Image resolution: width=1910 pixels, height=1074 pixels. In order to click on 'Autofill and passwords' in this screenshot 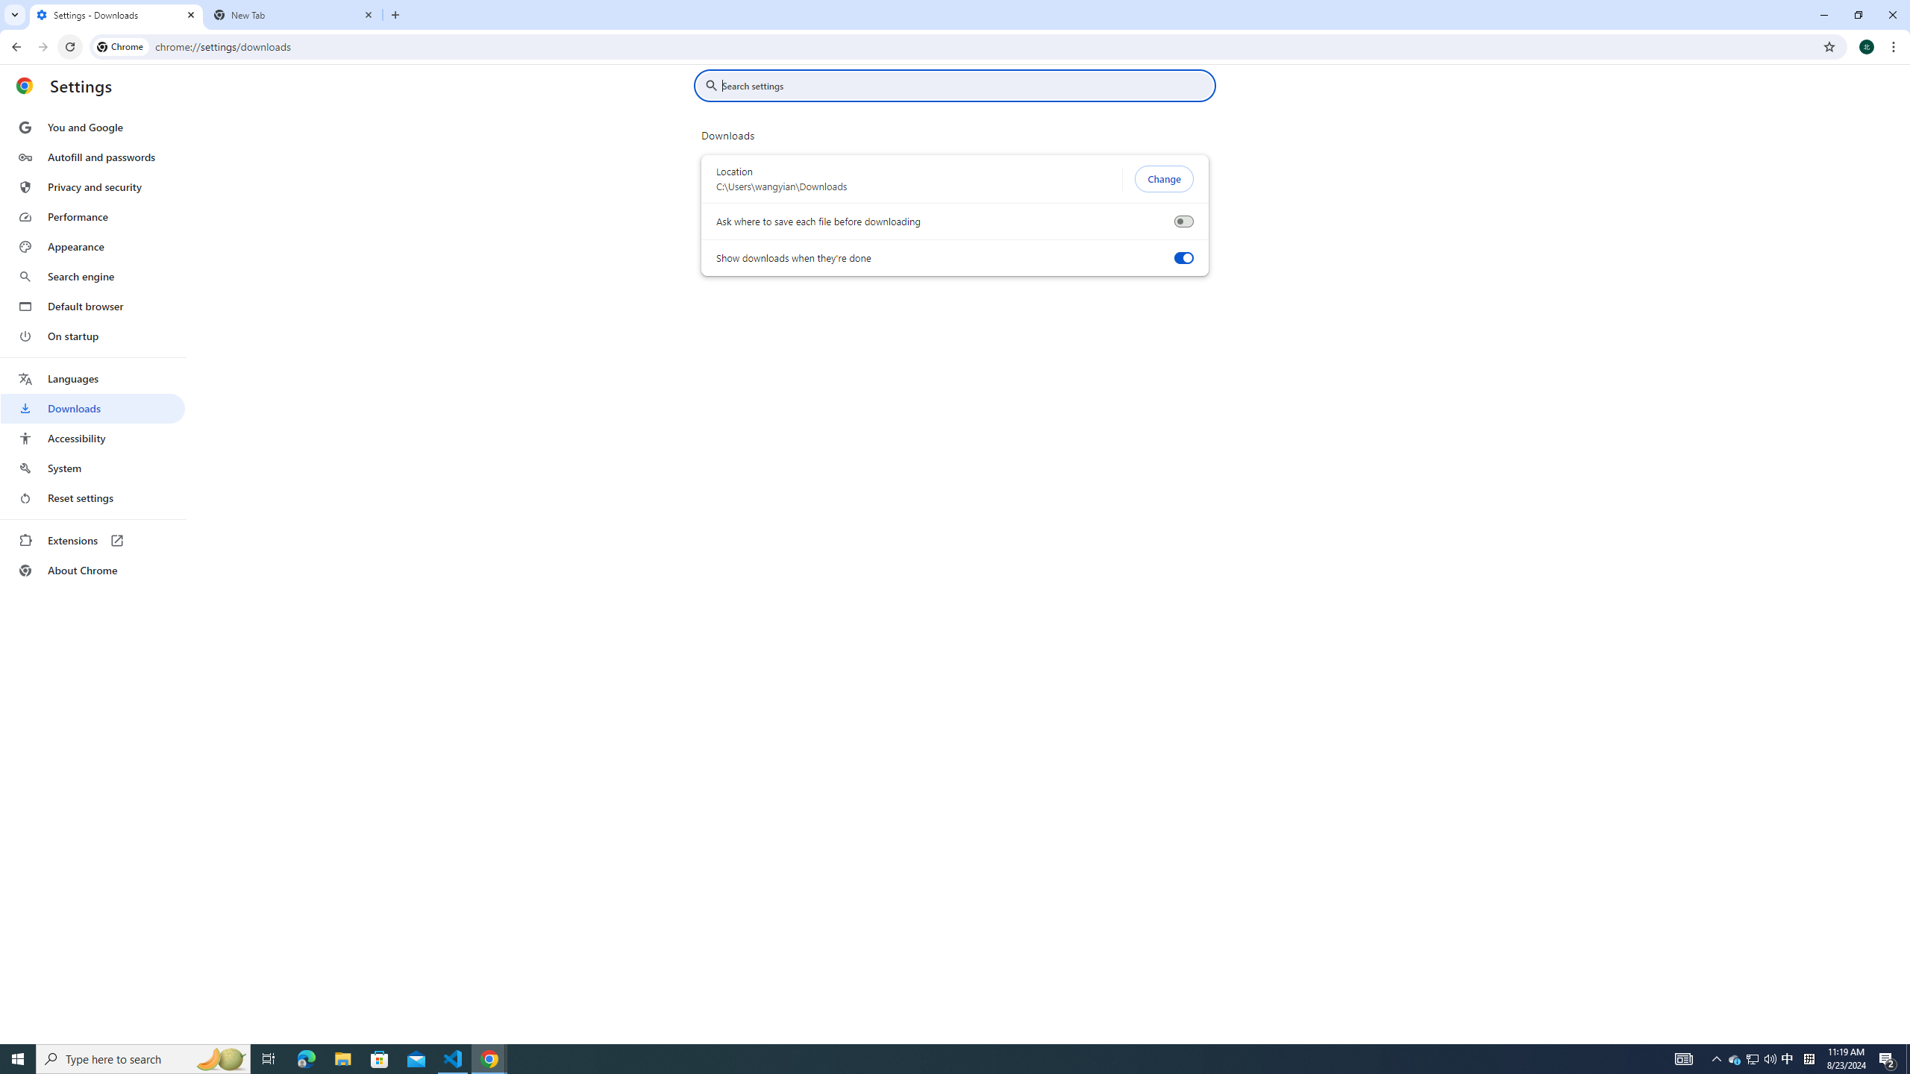, I will do `click(92, 157)`.